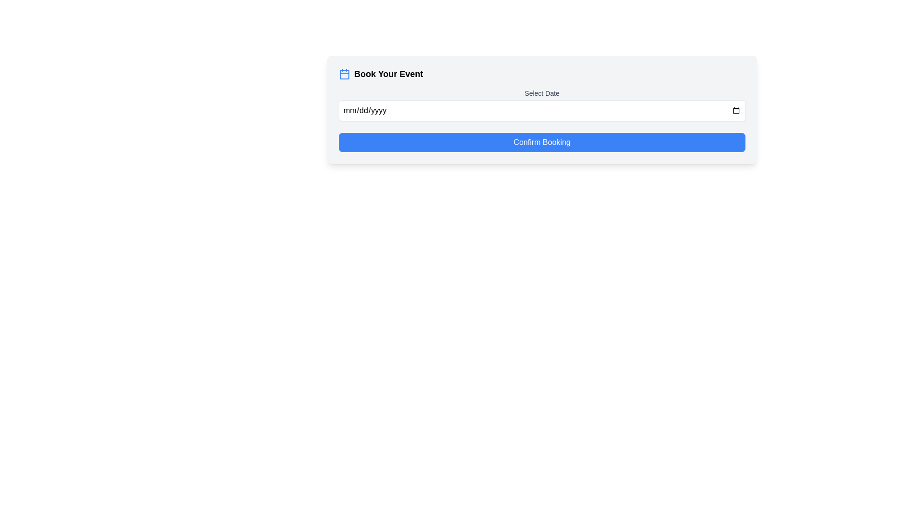 The image size is (924, 520). Describe the element at coordinates (542, 93) in the screenshot. I see `the 'Select Date' text label located above the date input field in the 'Book Your Event' section` at that location.